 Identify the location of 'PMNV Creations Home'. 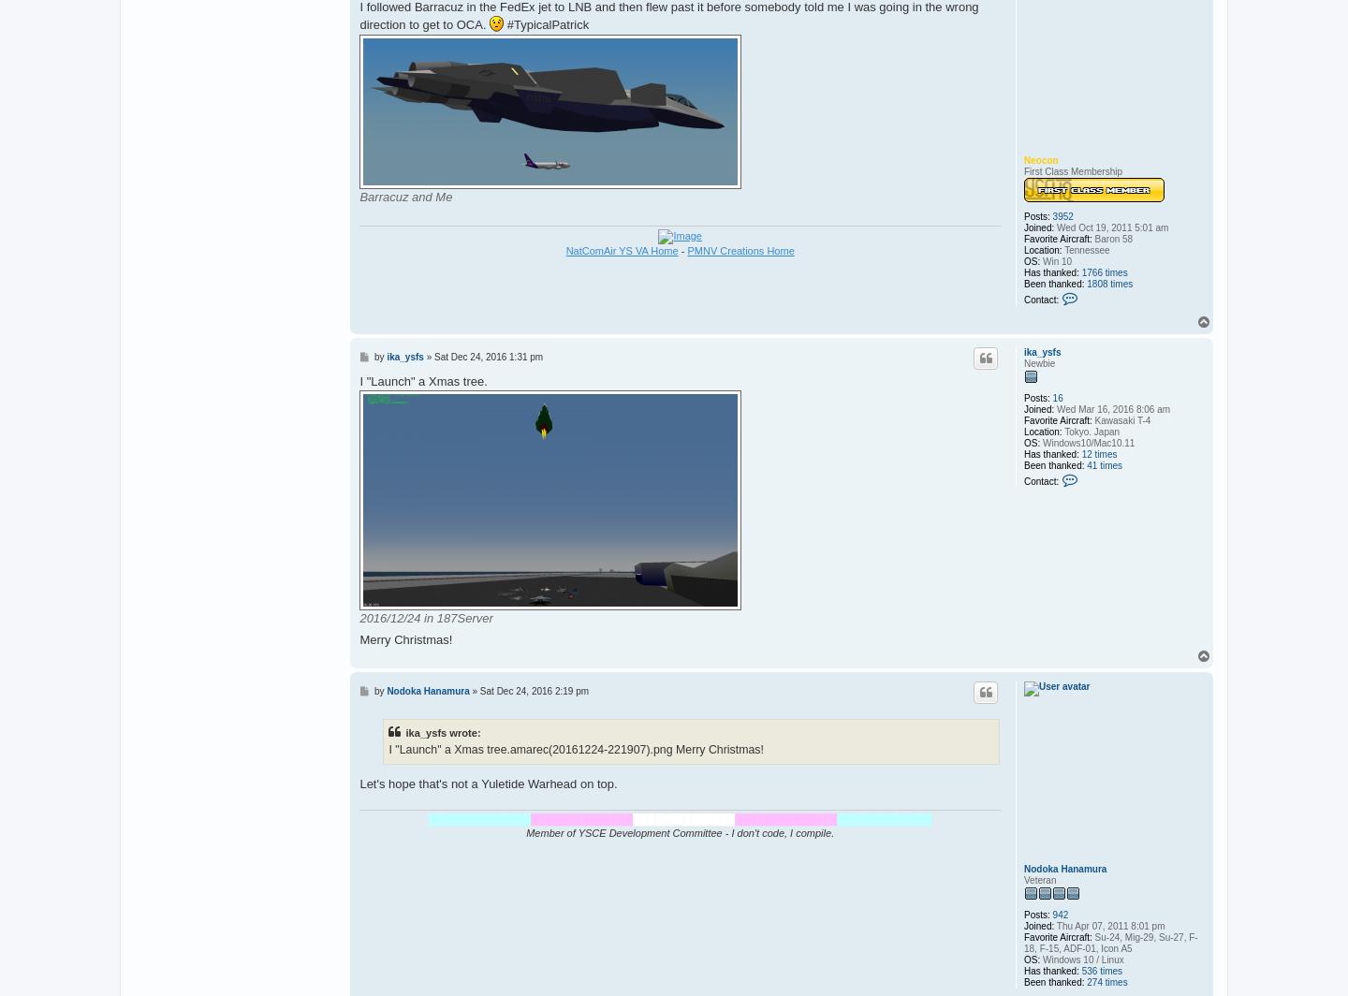
(685, 249).